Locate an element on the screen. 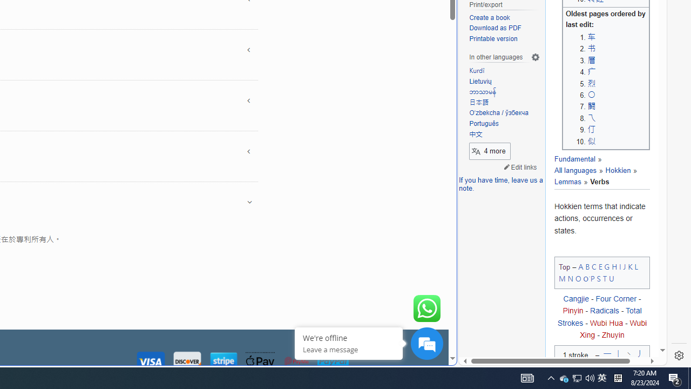 The height and width of the screenshot is (389, 691). 'All languages' is located at coordinates (575, 170).